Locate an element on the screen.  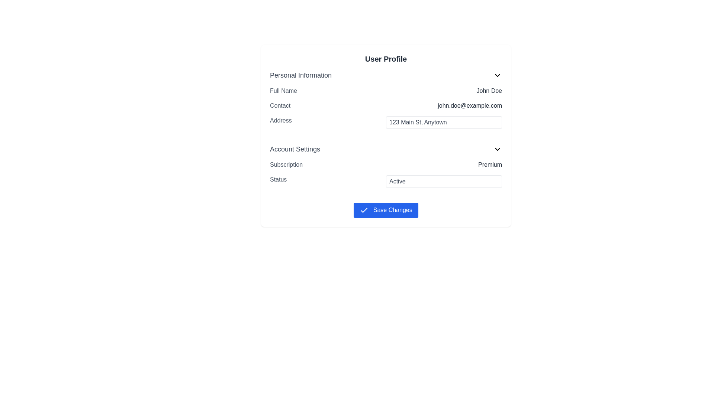
the address text input field to focus it, which is located within the 'Personal Information' section of the user profile, aligned to the right of the label 'Address' is located at coordinates (444, 122).